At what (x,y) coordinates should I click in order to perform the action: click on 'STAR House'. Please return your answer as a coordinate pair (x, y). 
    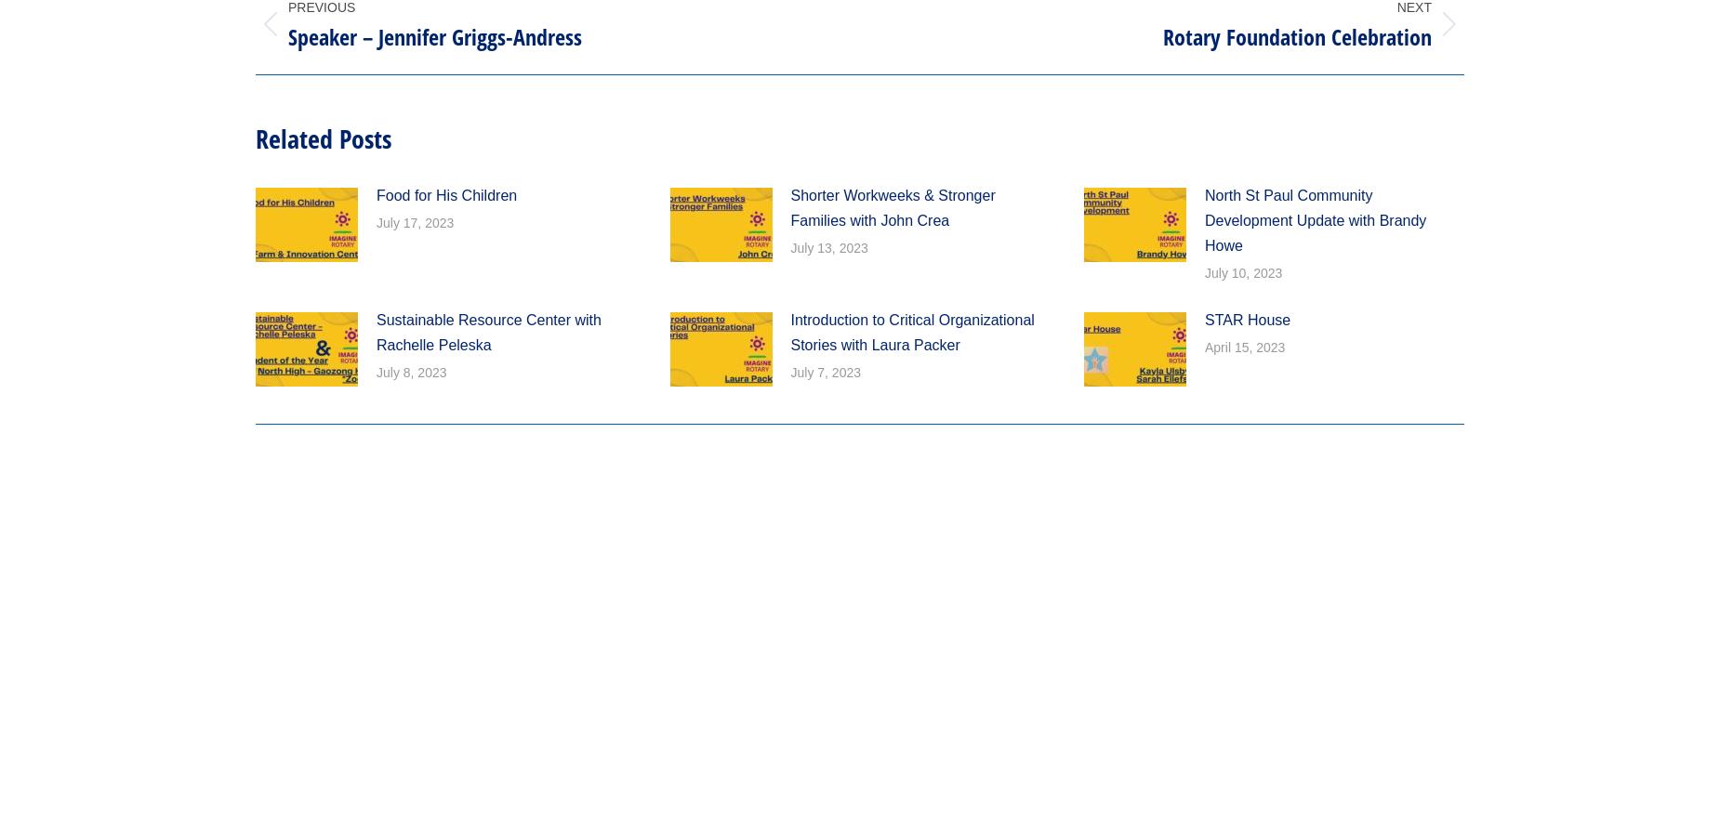
    Looking at the image, I should click on (1246, 319).